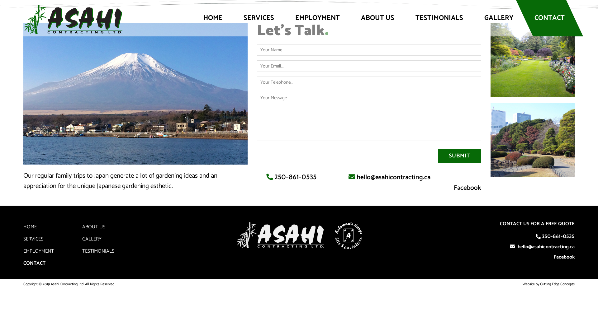  Describe the element at coordinates (38, 251) in the screenshot. I see `'EMPLOYMENT'` at that location.